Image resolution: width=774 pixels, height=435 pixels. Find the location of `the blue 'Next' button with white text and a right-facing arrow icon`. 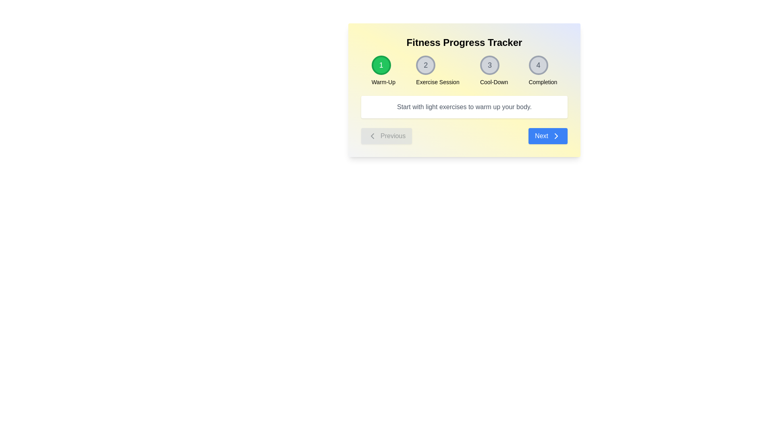

the blue 'Next' button with white text and a right-facing arrow icon is located at coordinates (548, 136).